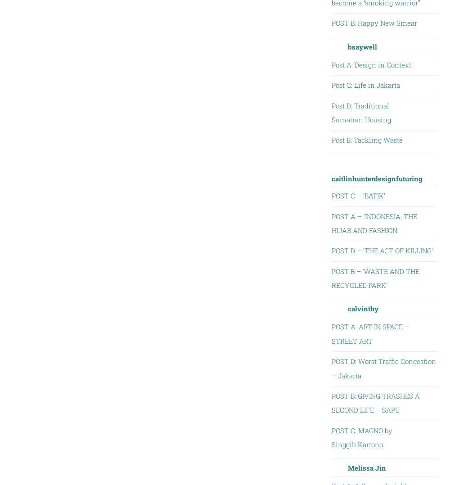 This screenshot has width=450, height=485. Describe the element at coordinates (362, 45) in the screenshot. I see `'bsaywell'` at that location.